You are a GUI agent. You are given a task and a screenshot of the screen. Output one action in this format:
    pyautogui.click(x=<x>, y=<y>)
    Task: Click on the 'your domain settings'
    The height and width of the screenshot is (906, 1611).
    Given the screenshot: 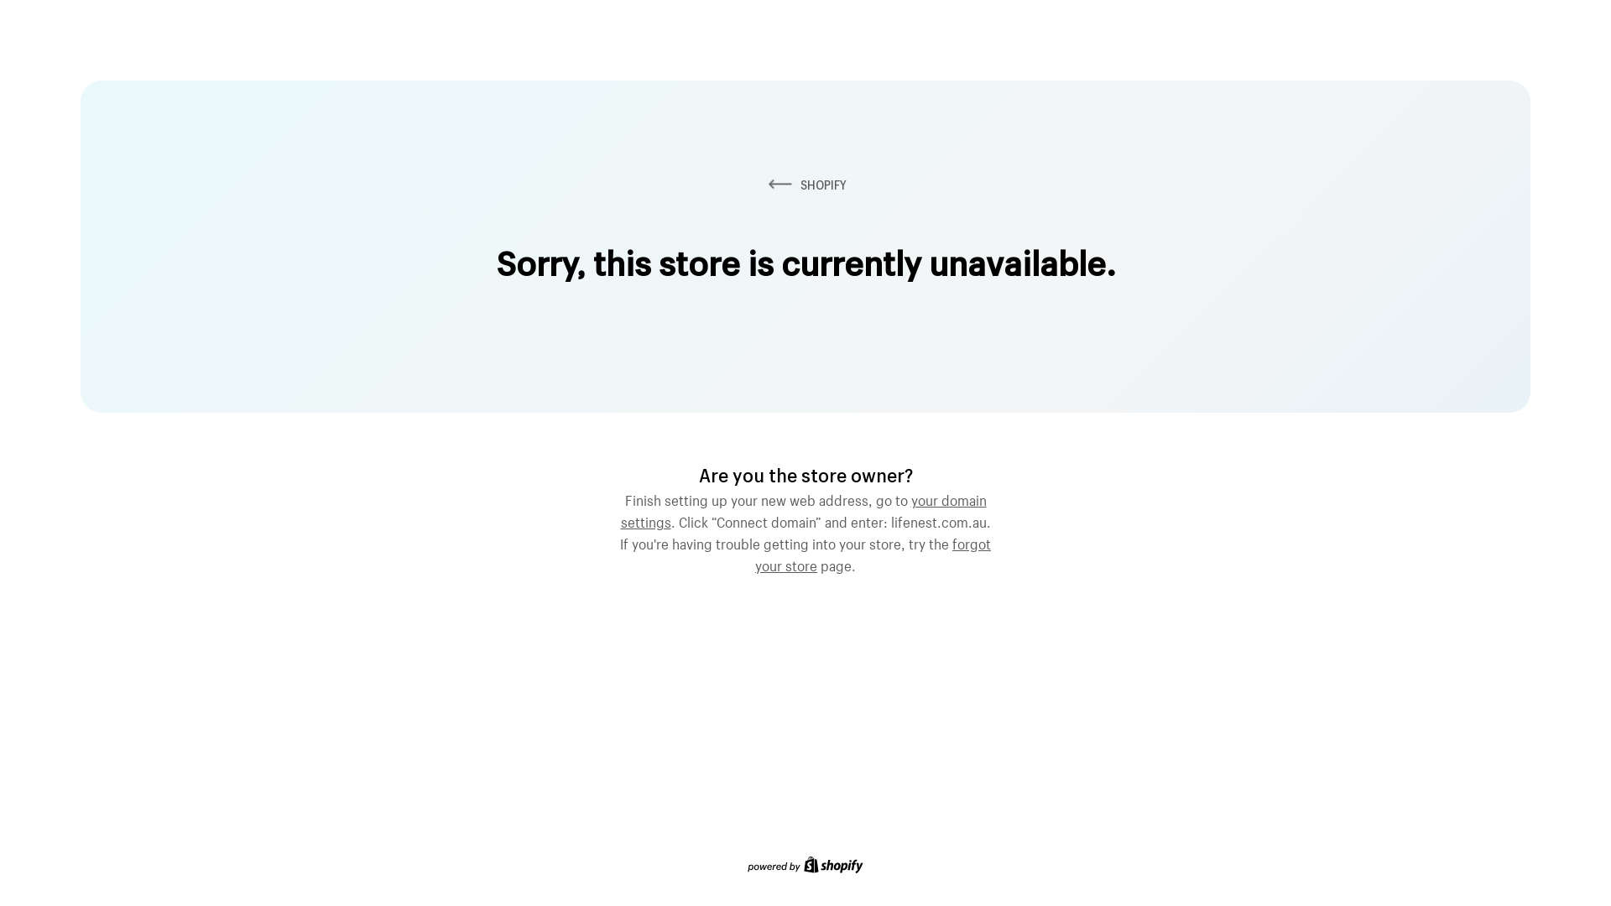 What is the action you would take?
    pyautogui.click(x=803, y=508)
    